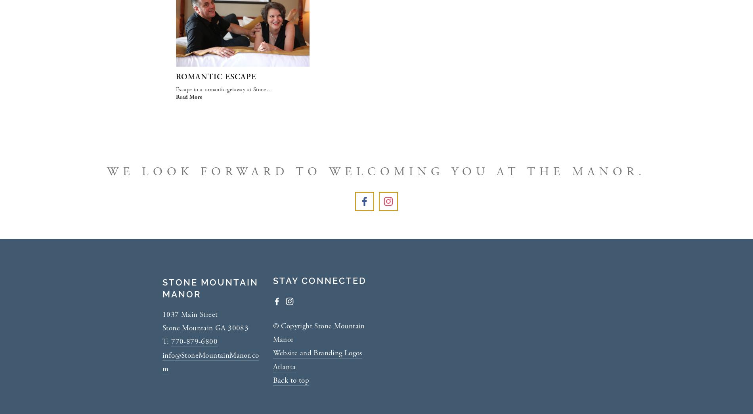 The image size is (753, 414). What do you see at coordinates (189, 97) in the screenshot?
I see `'Read More'` at bounding box center [189, 97].